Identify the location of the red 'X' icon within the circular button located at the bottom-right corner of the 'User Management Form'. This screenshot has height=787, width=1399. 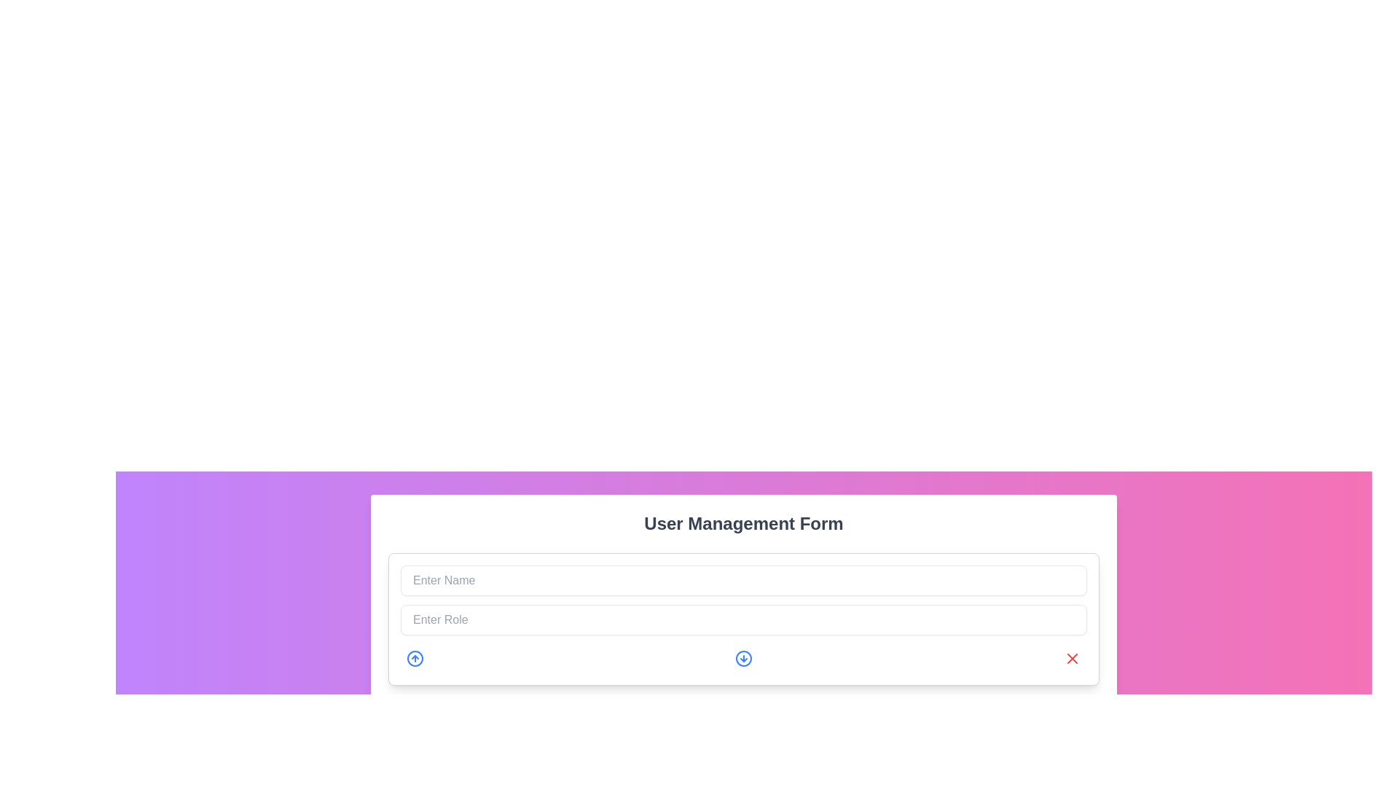
(1073, 658).